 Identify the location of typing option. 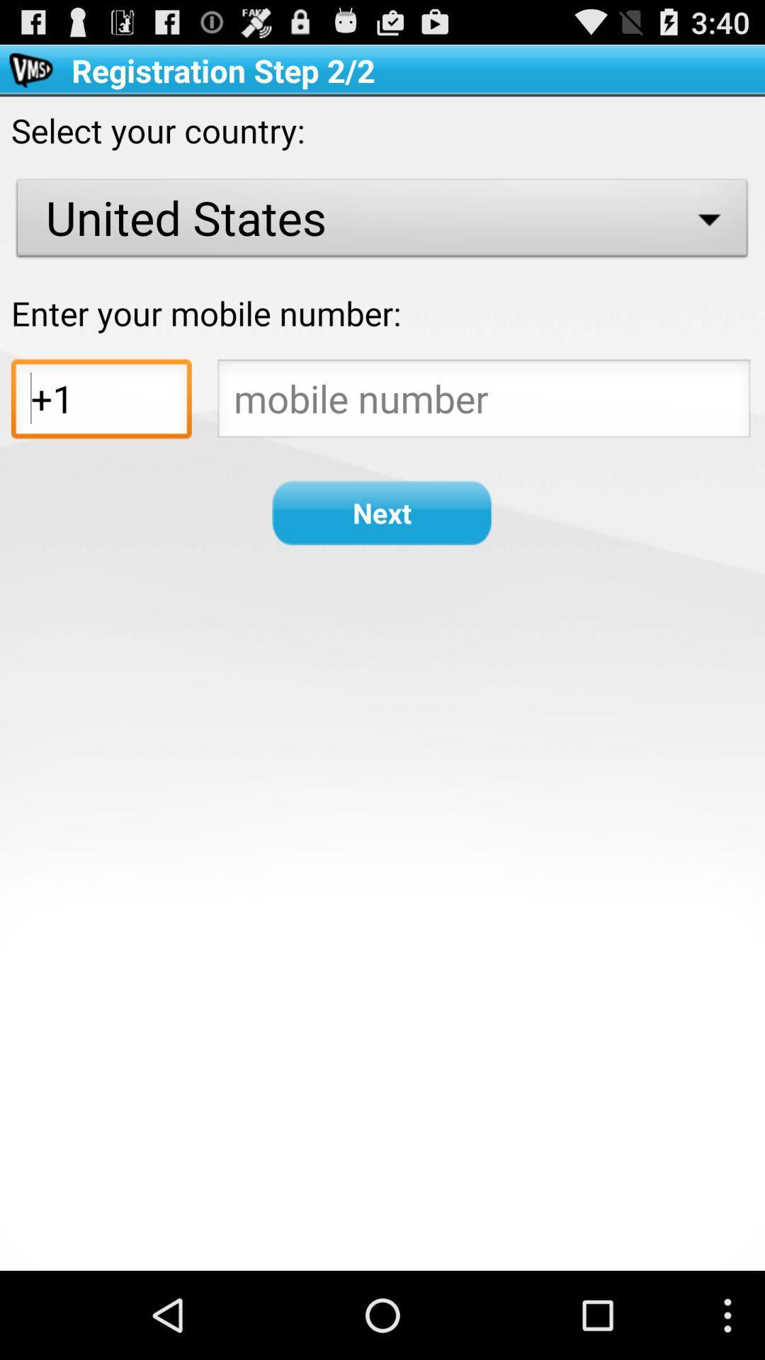
(483, 402).